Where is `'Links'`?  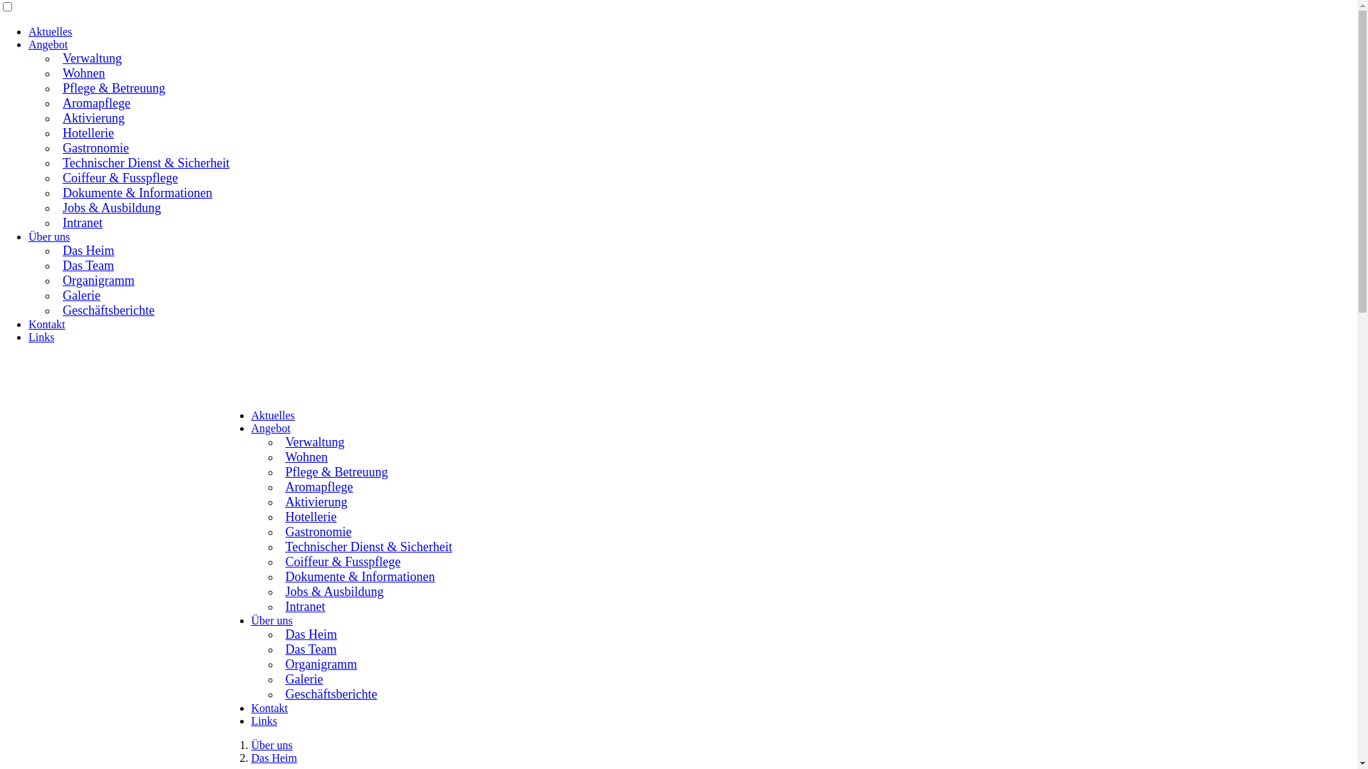
'Links' is located at coordinates (28, 337).